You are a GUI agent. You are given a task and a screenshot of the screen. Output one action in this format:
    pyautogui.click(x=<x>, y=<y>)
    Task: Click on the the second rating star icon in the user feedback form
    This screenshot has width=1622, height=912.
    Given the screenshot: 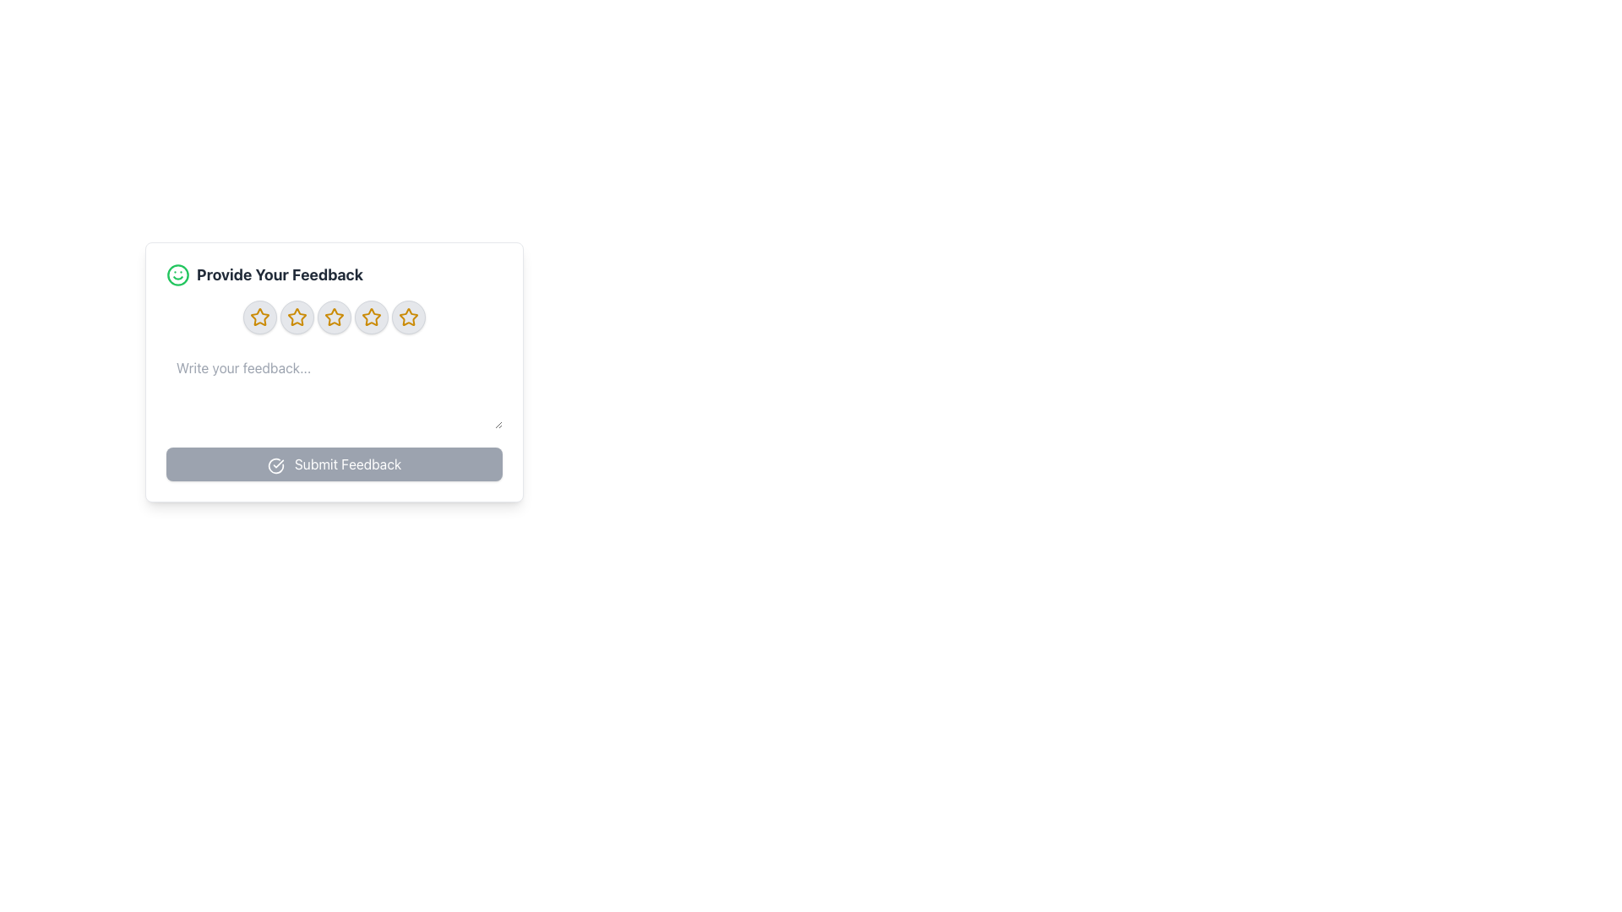 What is the action you would take?
    pyautogui.click(x=297, y=317)
    